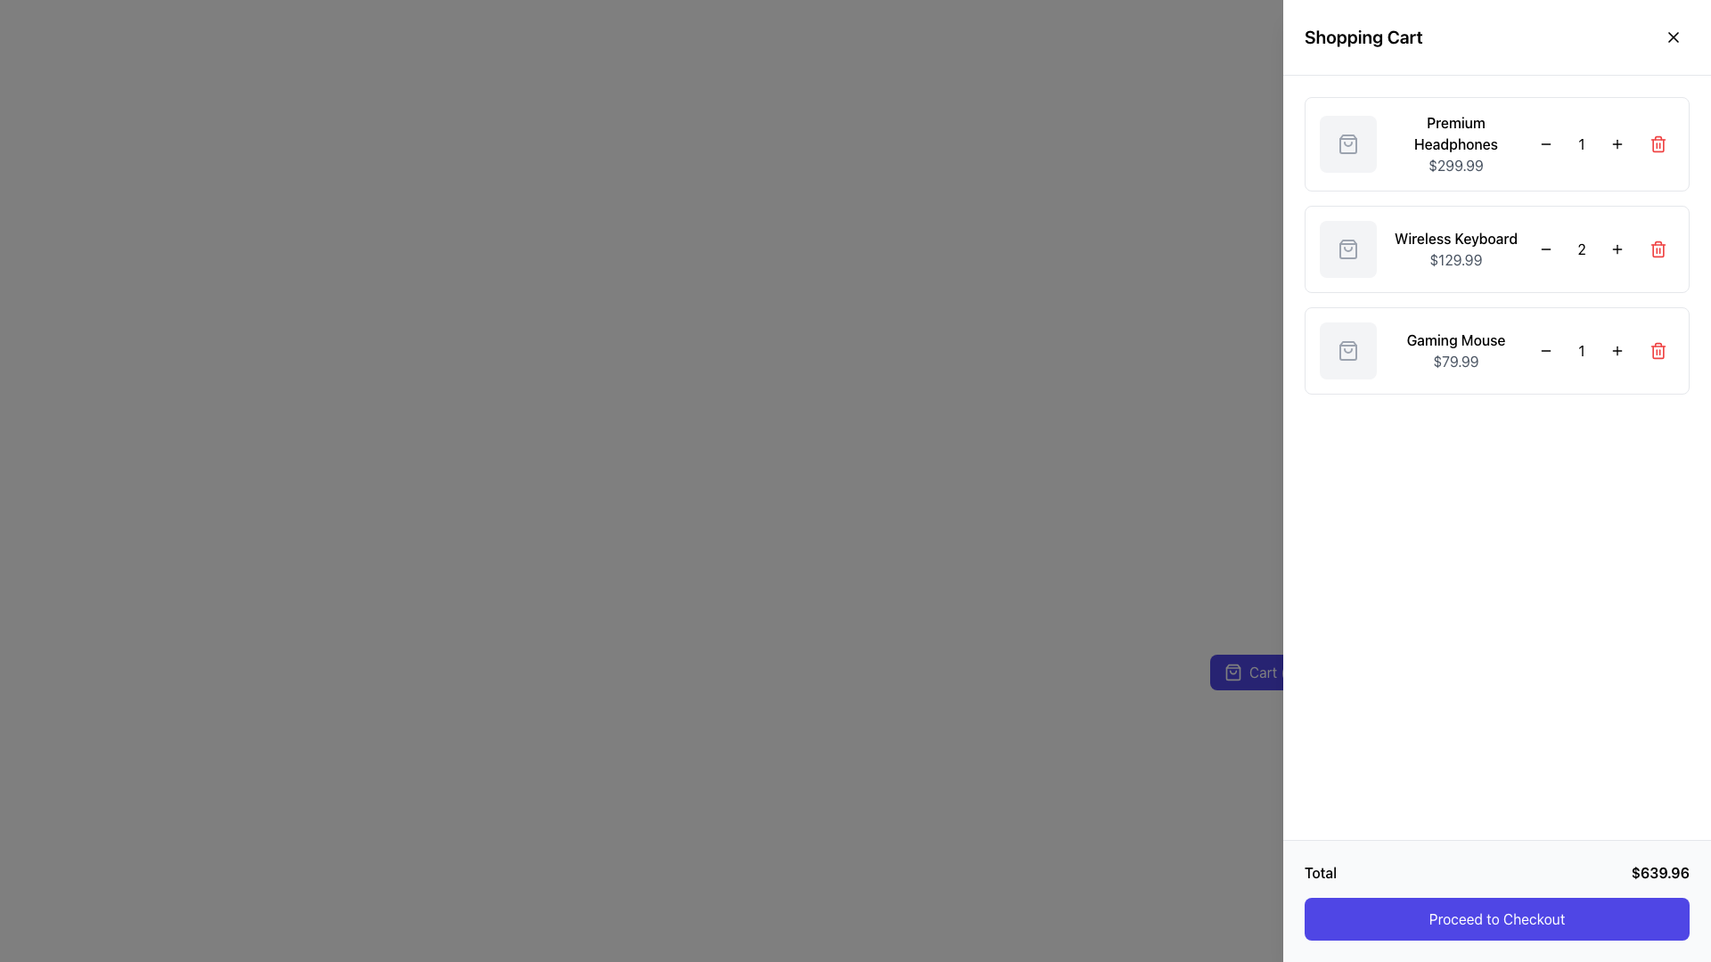 The width and height of the screenshot is (1711, 962). What do you see at coordinates (1617, 350) in the screenshot?
I see `the small square button featuring a plus icon (+) in the center, located in the shopping cart interface next to the quantity display of 'Gaming Mouse' in the third row` at bounding box center [1617, 350].